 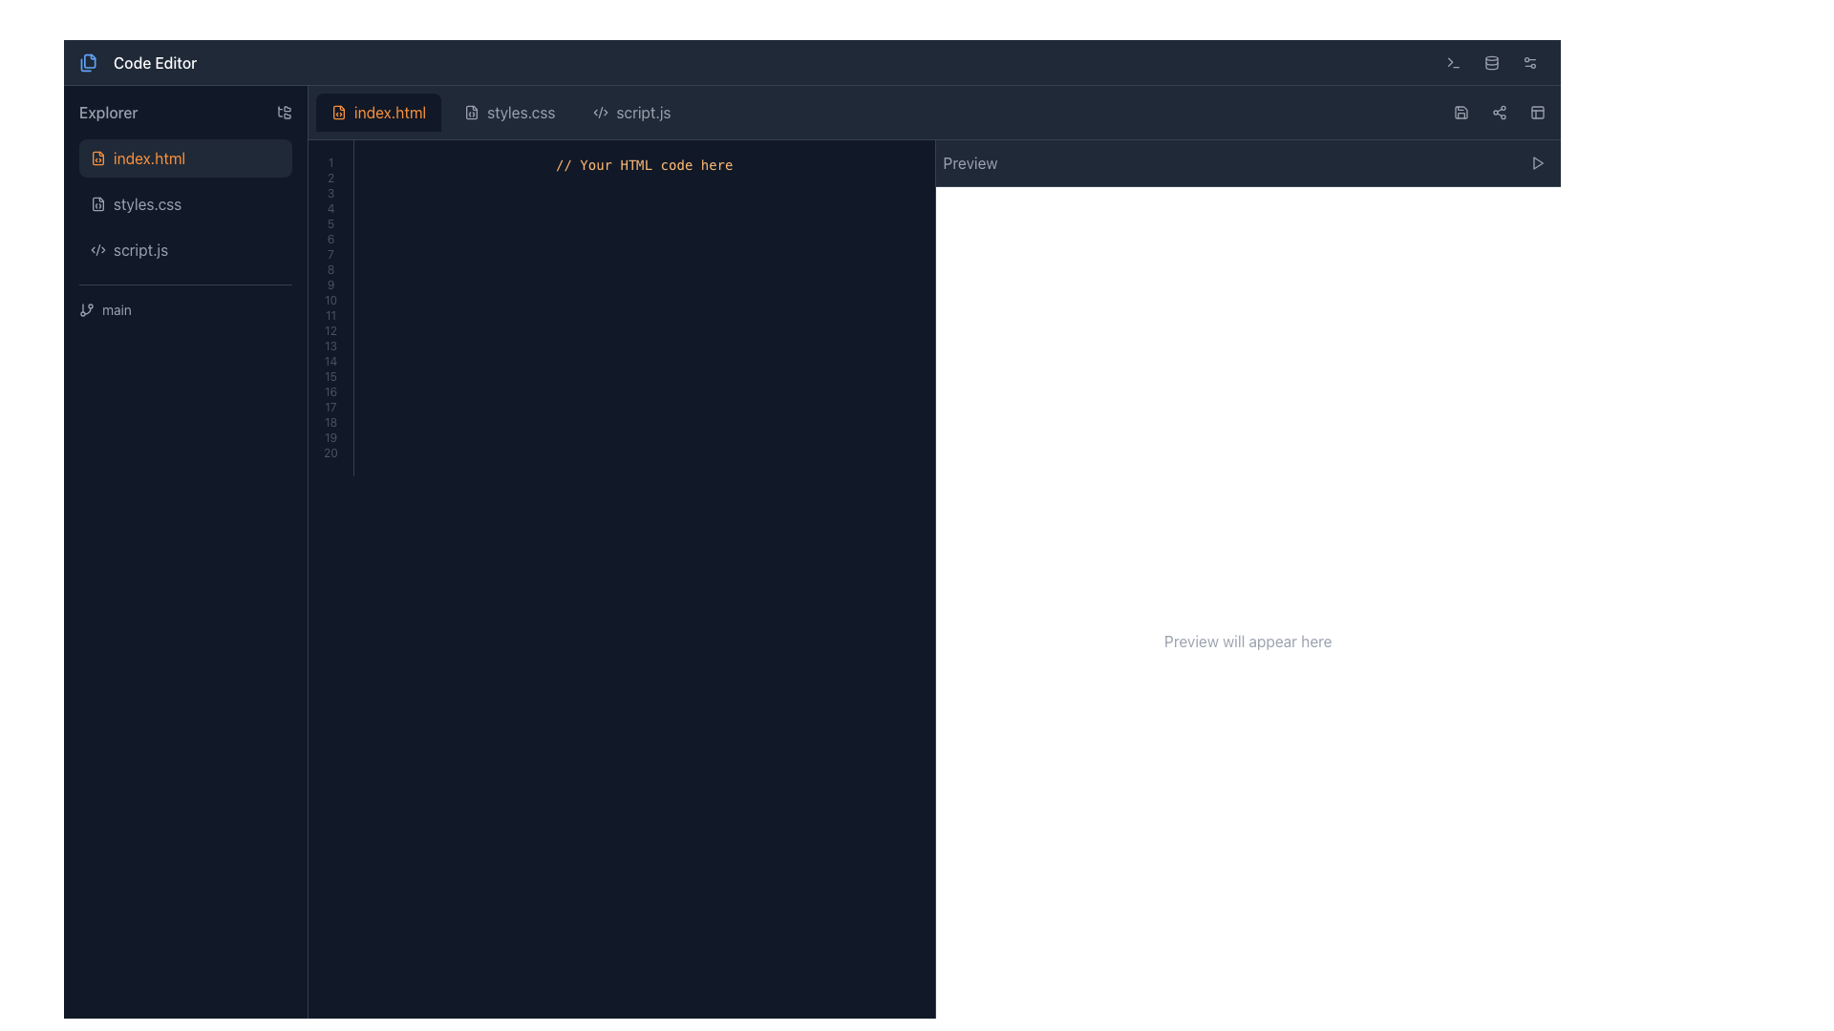 I want to click on the static text that signifies line number '19' in the vertical list of numbers on the left edge of the code editor interface, so click(x=331, y=438).